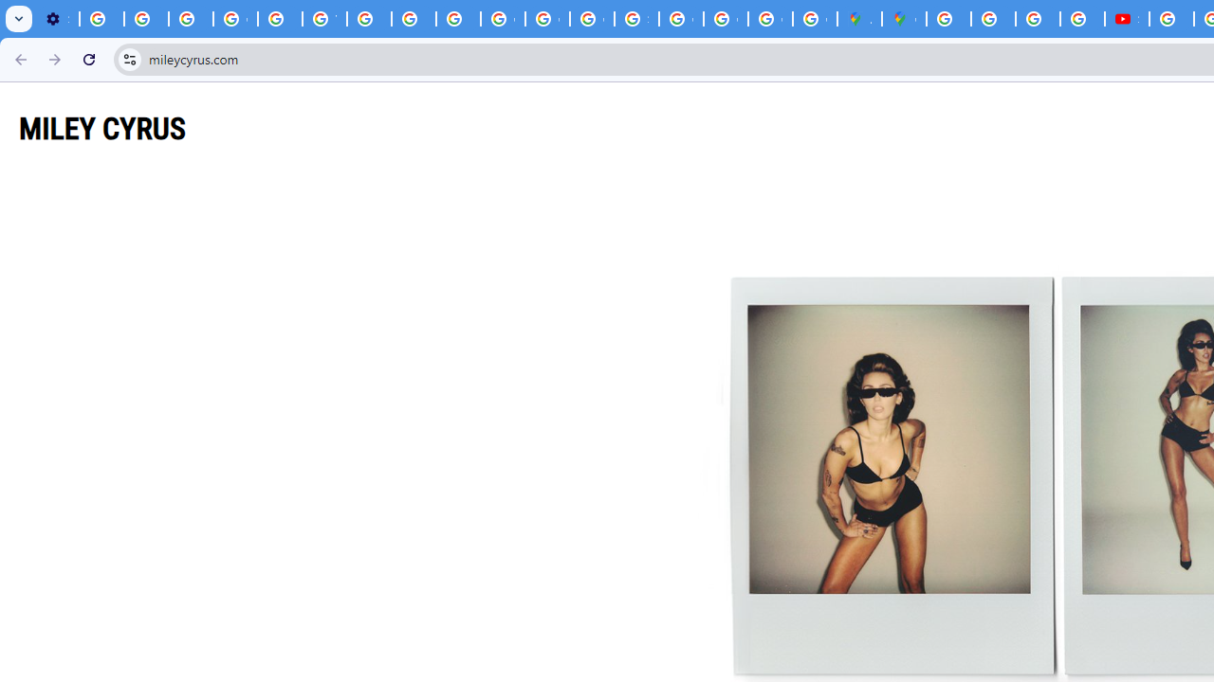 Image resolution: width=1214 pixels, height=682 pixels. Describe the element at coordinates (57, 19) in the screenshot. I see `'Settings - Customize profile'` at that location.